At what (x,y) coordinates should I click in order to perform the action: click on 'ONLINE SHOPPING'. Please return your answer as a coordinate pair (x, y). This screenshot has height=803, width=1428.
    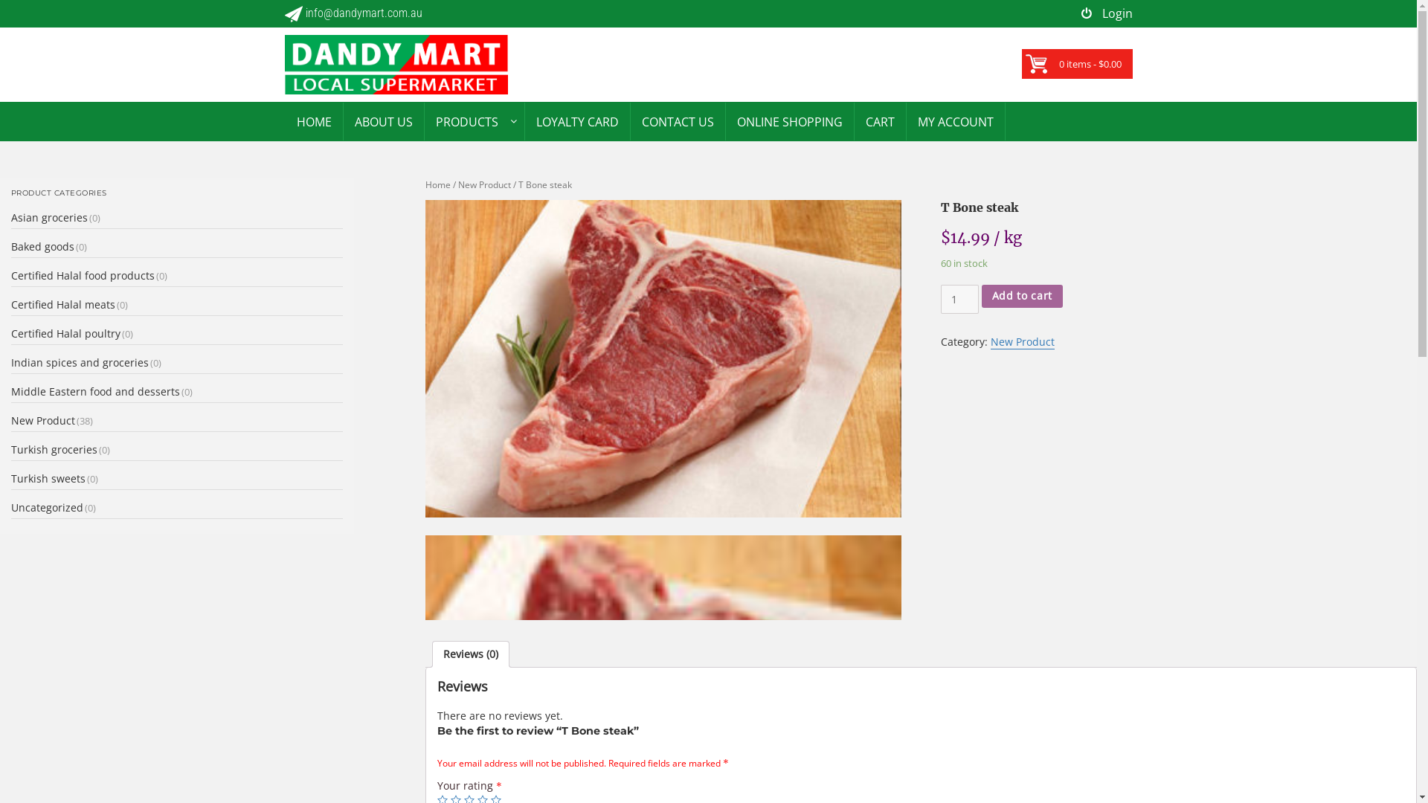
    Looking at the image, I should click on (788, 120).